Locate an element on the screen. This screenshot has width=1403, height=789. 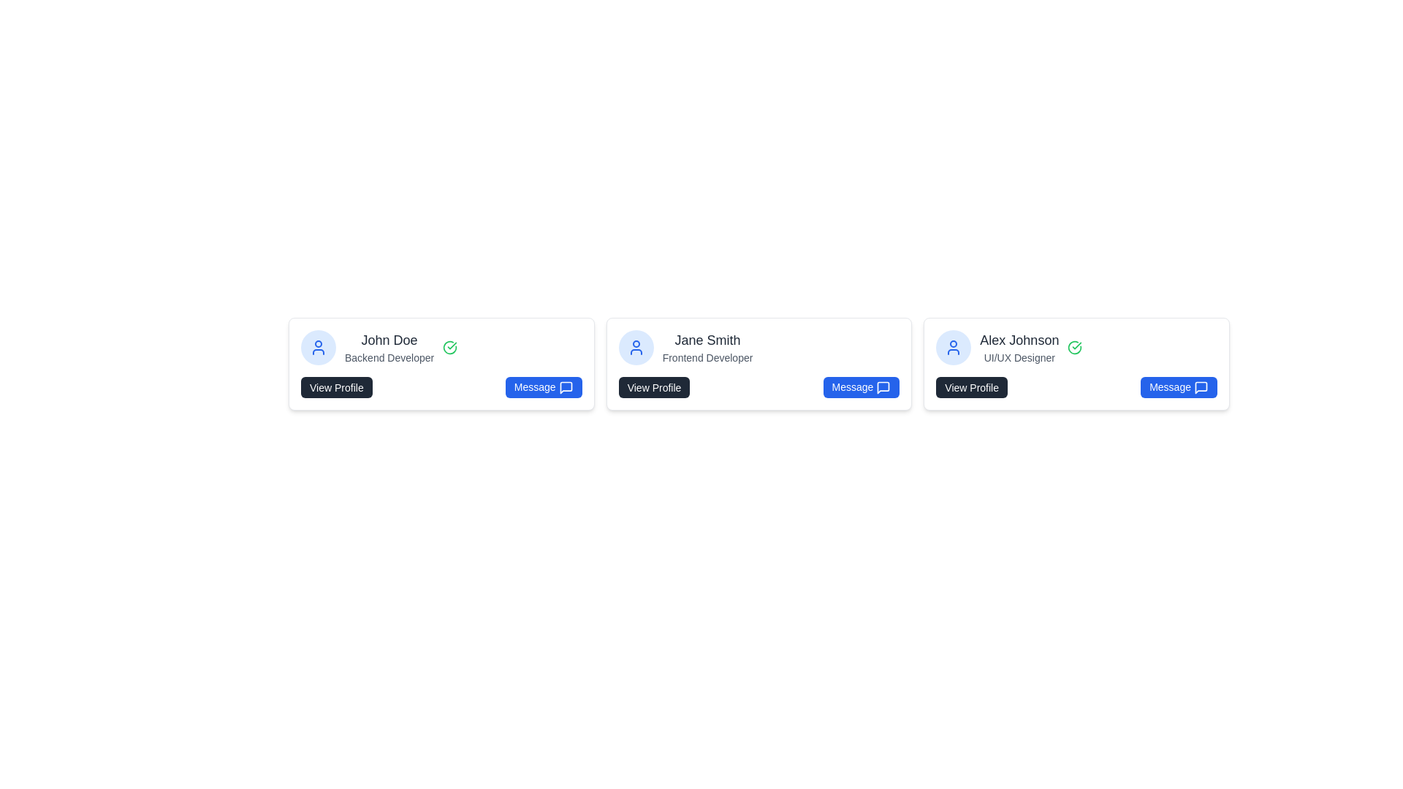
the Avatar icon, which is a circular icon with a light blue background and a person silhouette outlined in blue, located to the left of the text 'Alex Johnson' in the third profile card is located at coordinates (954, 347).